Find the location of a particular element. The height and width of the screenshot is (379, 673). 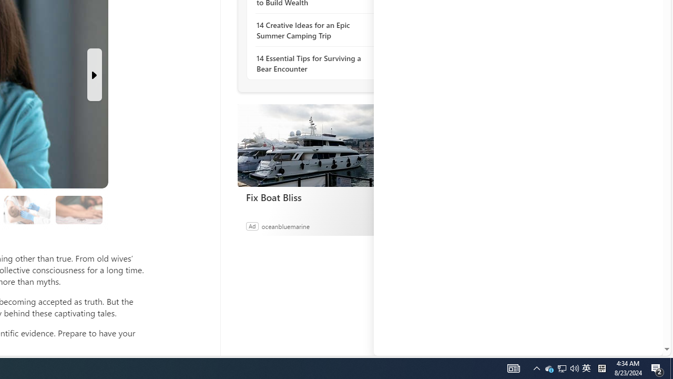

'oceanbluemarine' is located at coordinates (285, 225).